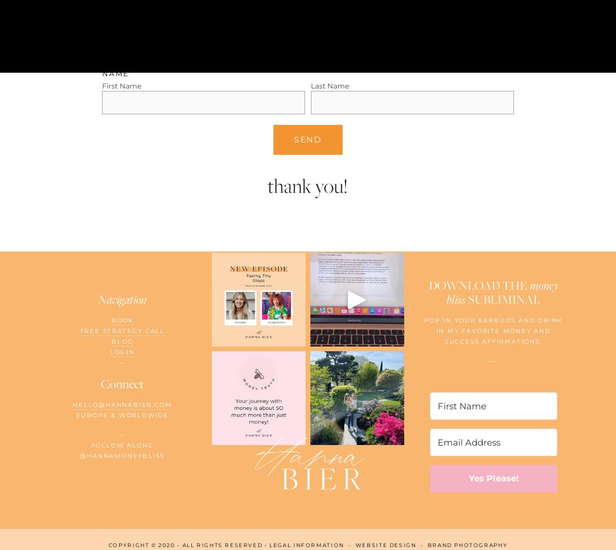  What do you see at coordinates (297, 18) in the screenshot?
I see `'Based on your answers, I would love to write a short testmonial using your own words to publish on my website. Do you agree to this?'` at bounding box center [297, 18].